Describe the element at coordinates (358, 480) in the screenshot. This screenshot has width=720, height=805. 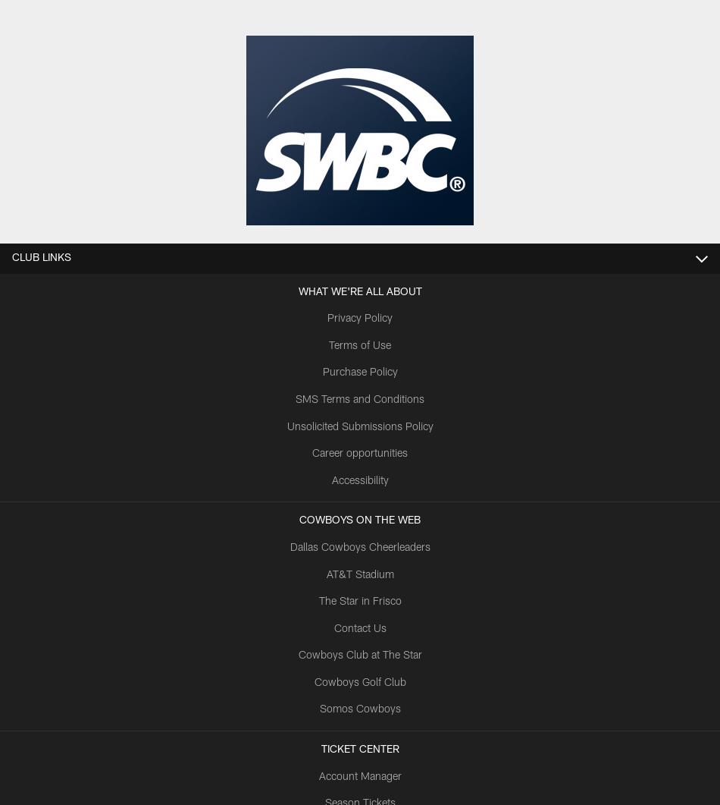
I see `'Accessibility'` at that location.